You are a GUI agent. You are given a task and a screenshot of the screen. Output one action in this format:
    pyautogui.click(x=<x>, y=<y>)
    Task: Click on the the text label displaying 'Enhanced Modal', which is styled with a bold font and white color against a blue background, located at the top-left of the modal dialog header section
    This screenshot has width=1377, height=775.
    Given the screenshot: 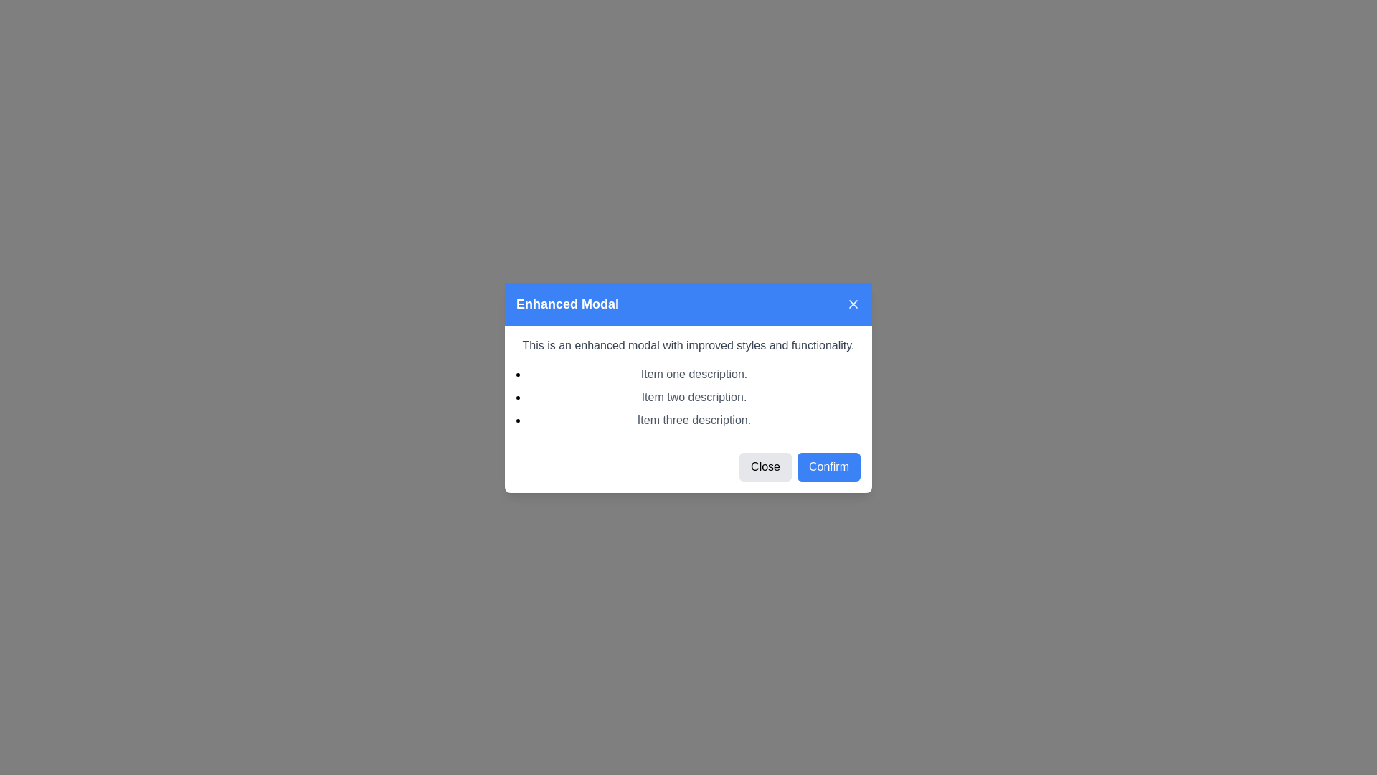 What is the action you would take?
    pyautogui.click(x=567, y=303)
    